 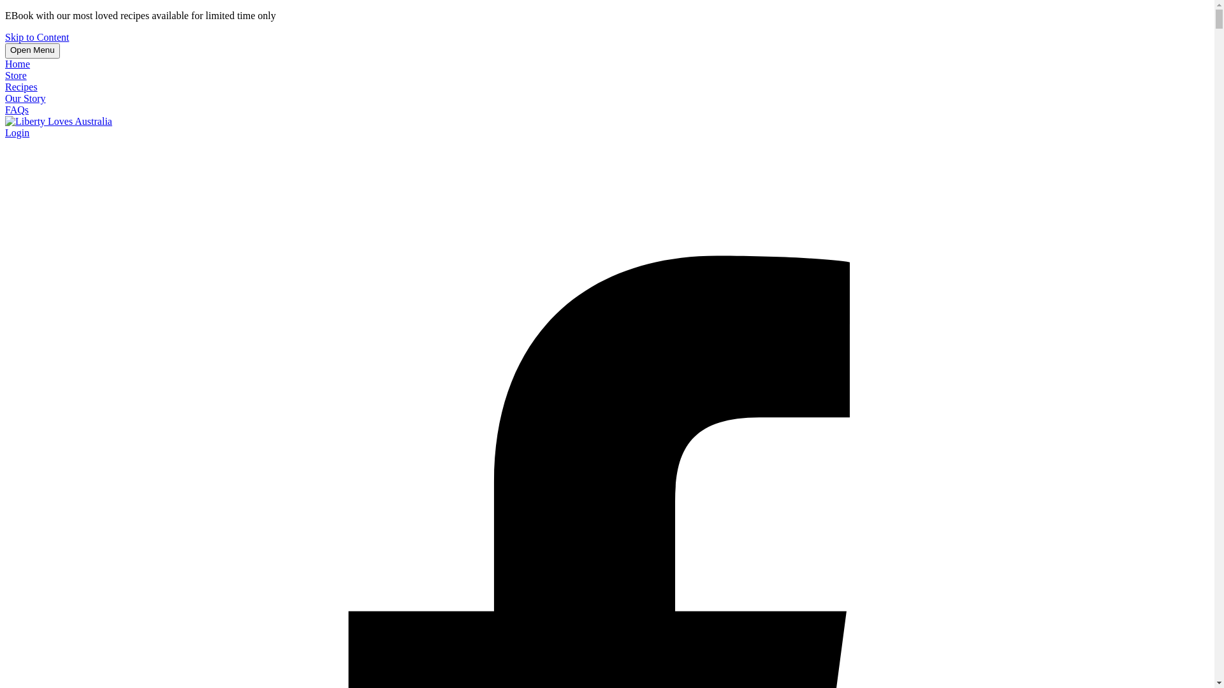 What do you see at coordinates (5, 50) in the screenshot?
I see `'Open Menu'` at bounding box center [5, 50].